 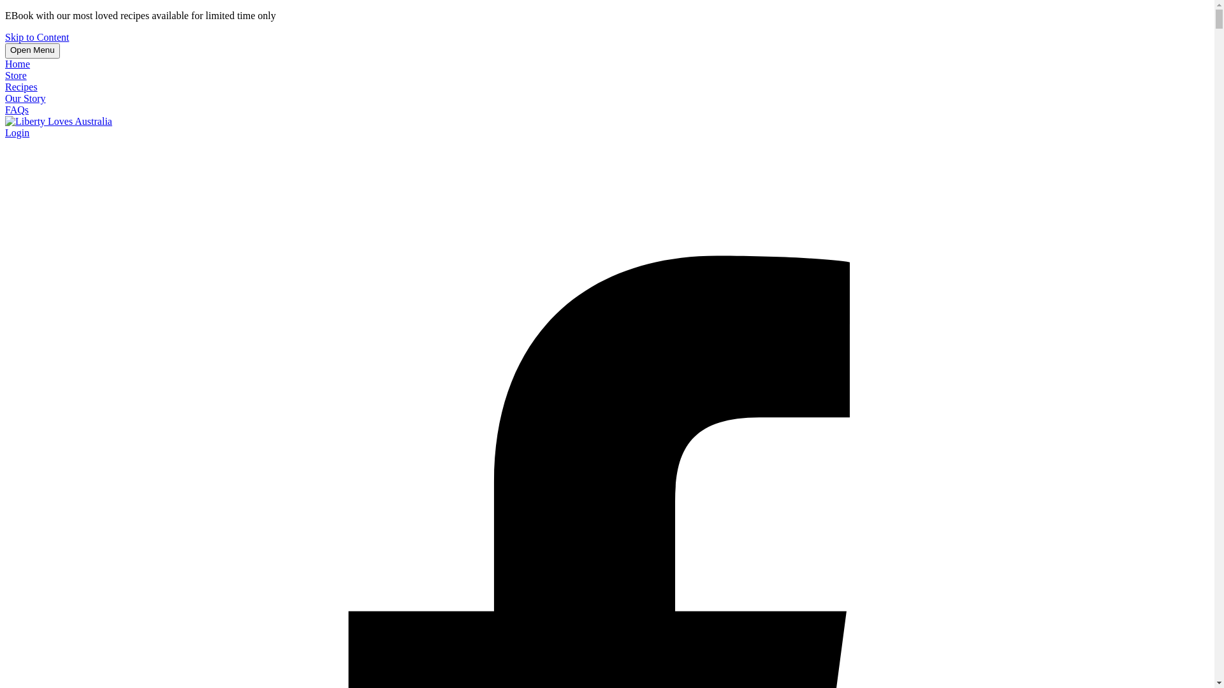 What do you see at coordinates (5, 50) in the screenshot?
I see `'Open Menu'` at bounding box center [5, 50].